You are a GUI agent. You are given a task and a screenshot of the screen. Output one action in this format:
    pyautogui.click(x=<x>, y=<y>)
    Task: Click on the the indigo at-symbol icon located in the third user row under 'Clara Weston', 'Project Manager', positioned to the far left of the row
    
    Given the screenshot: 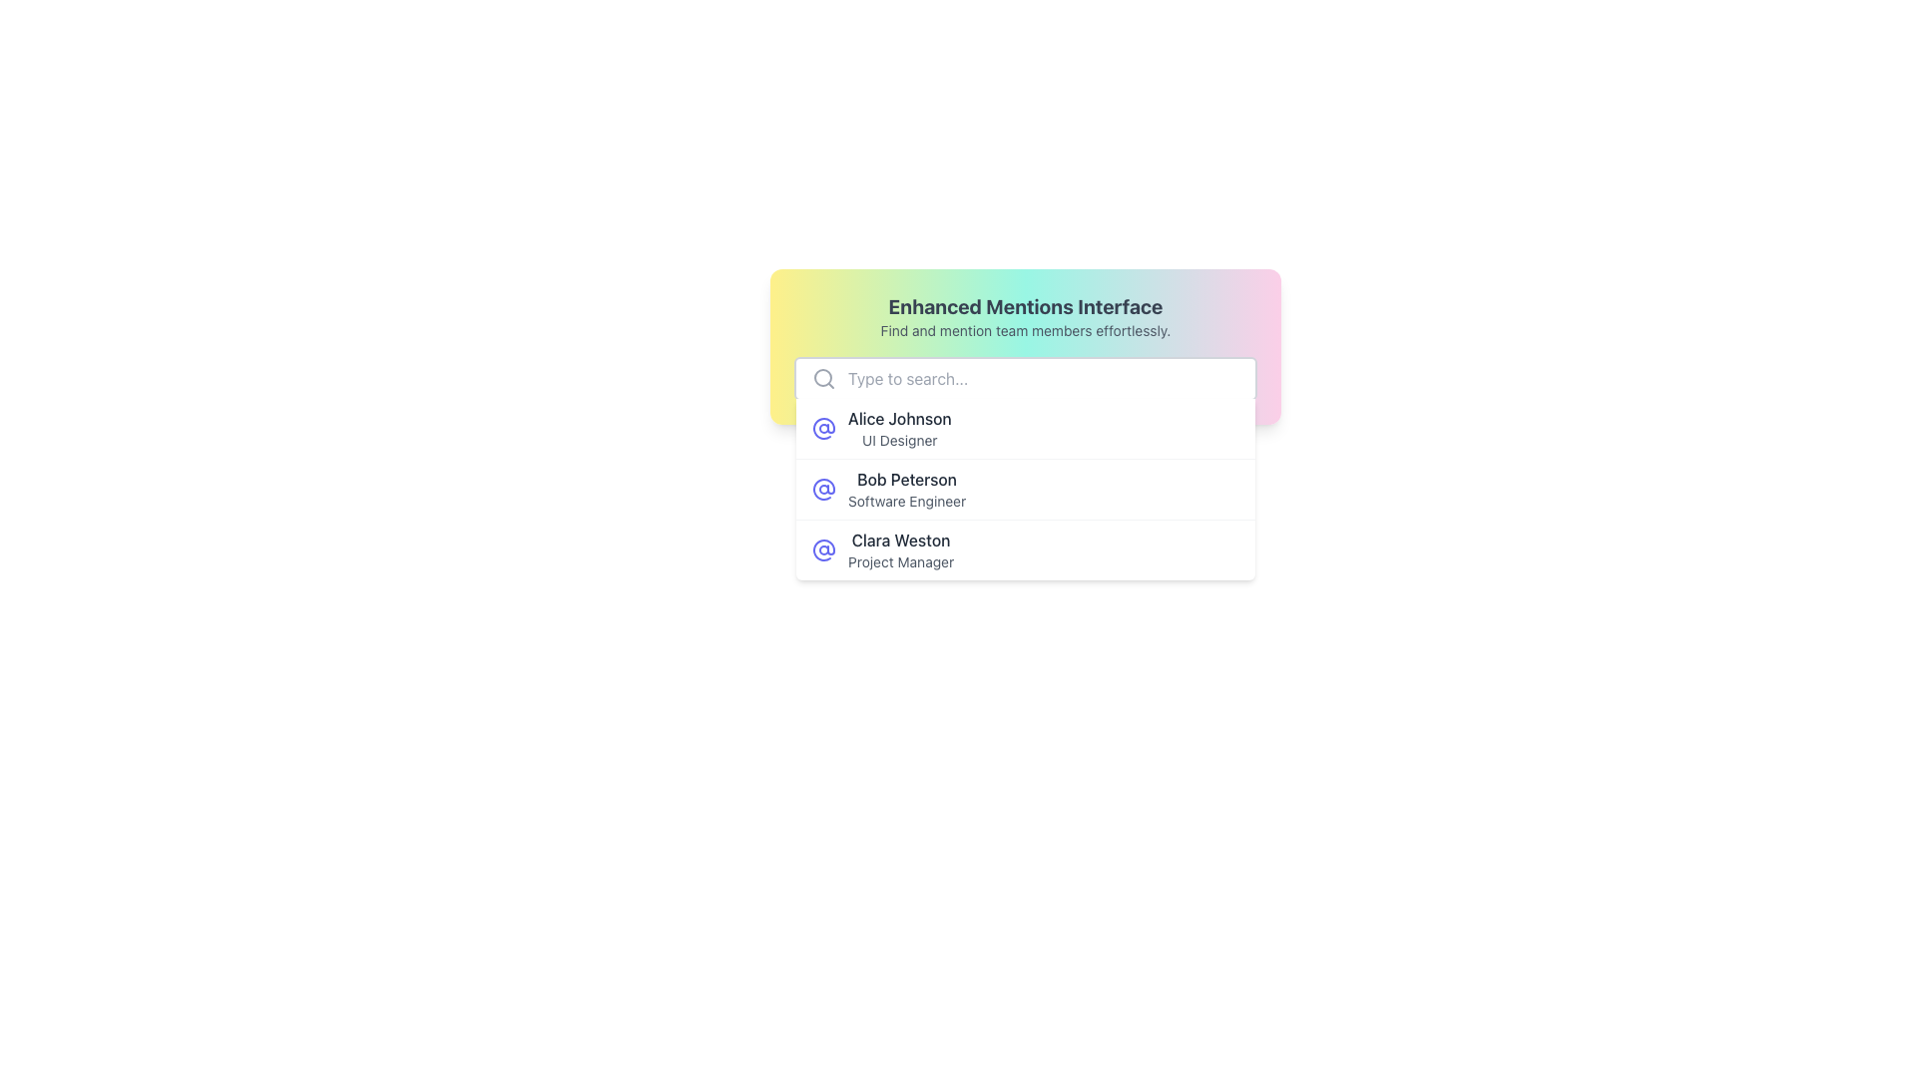 What is the action you would take?
    pyautogui.click(x=823, y=549)
    